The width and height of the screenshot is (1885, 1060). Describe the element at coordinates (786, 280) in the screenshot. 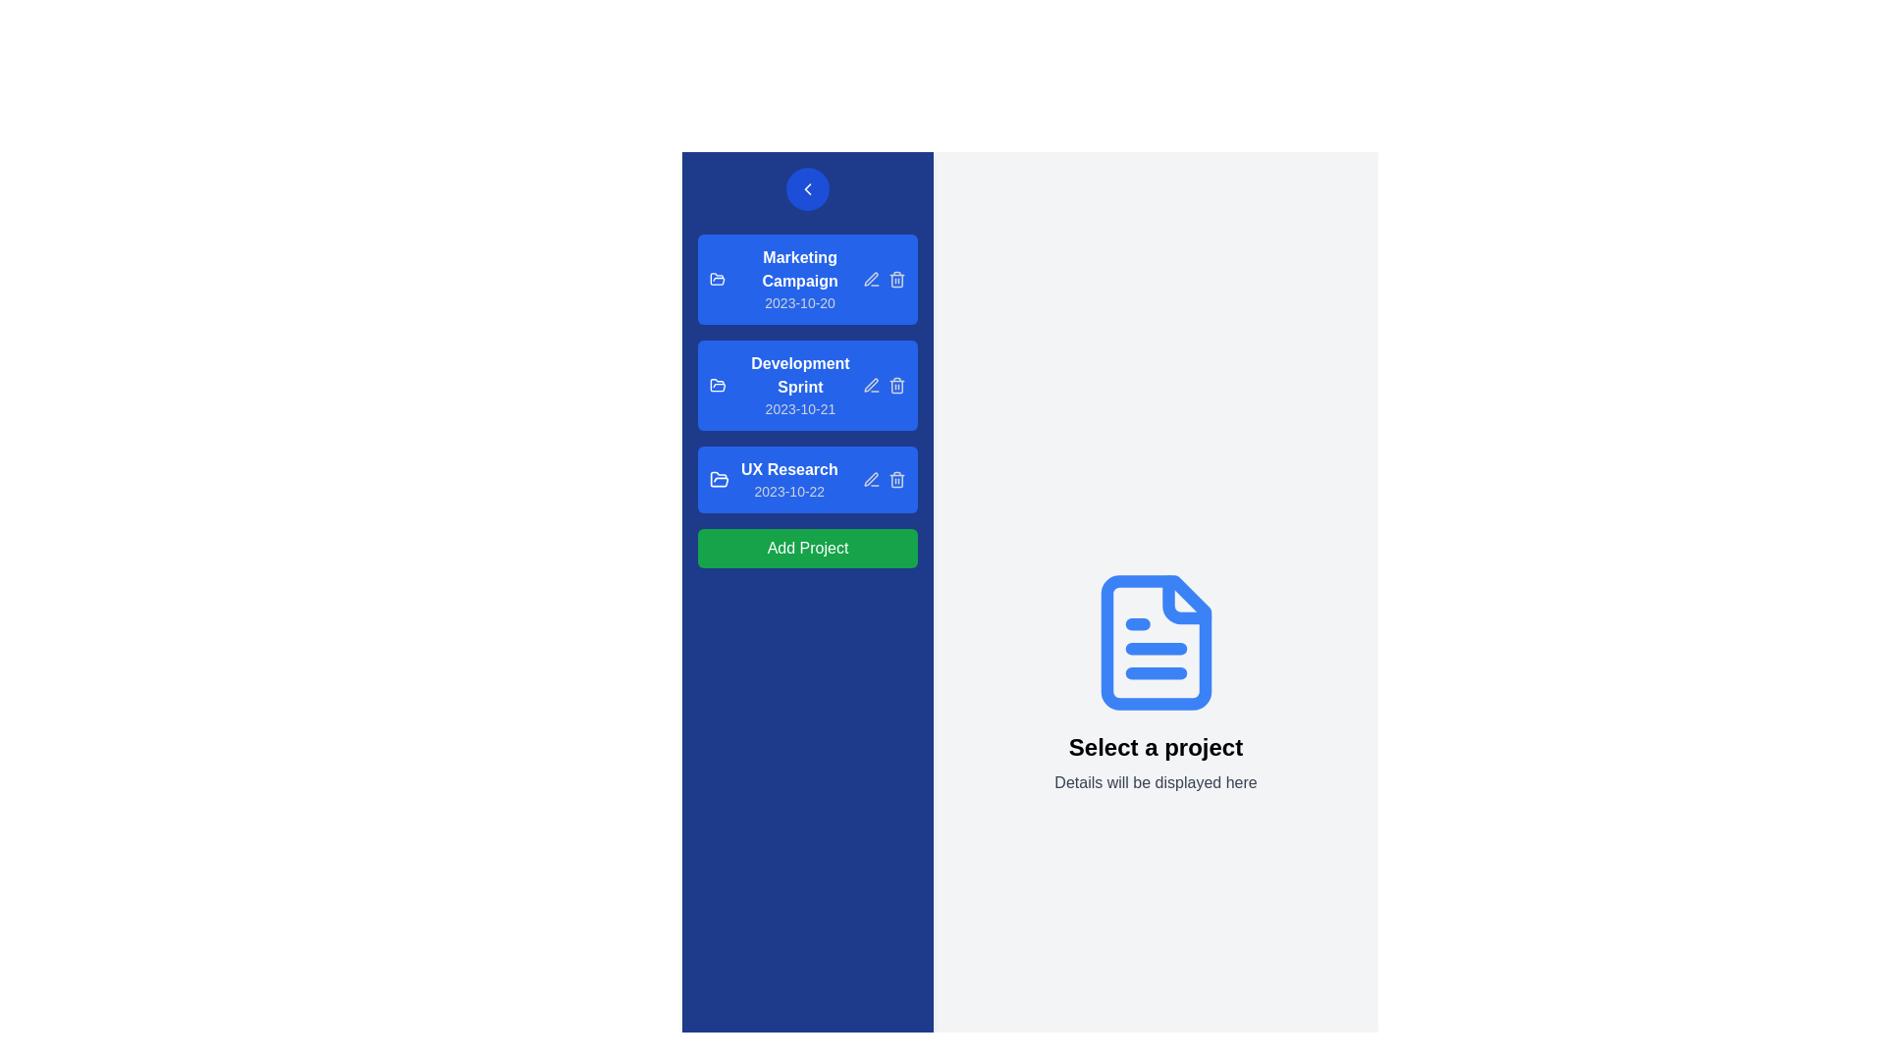

I see `the selectable project card titled 'Marketing Campaign'` at that location.